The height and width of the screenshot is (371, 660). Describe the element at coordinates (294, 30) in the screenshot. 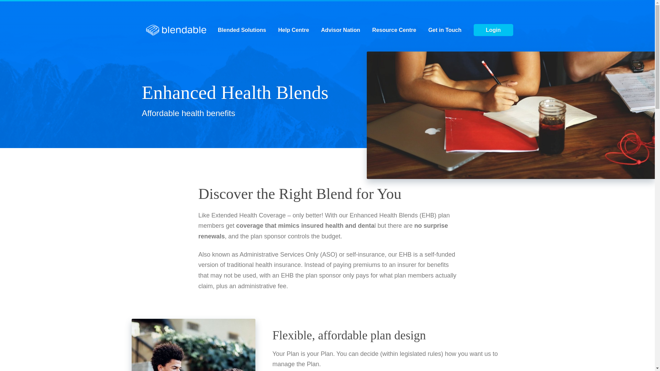

I see `'Help Centre'` at that location.